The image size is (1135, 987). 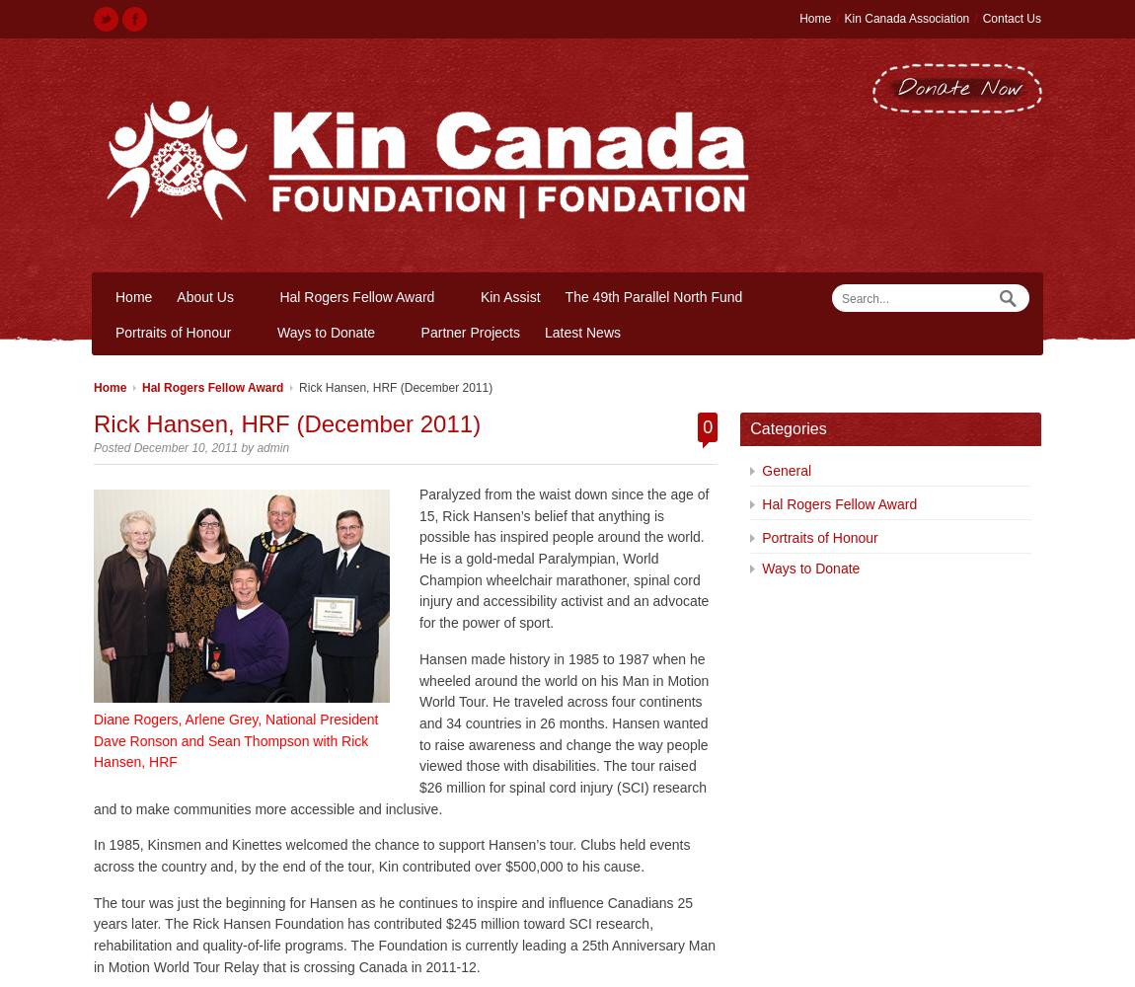 What do you see at coordinates (960, 88) in the screenshot?
I see `'Donate Now'` at bounding box center [960, 88].